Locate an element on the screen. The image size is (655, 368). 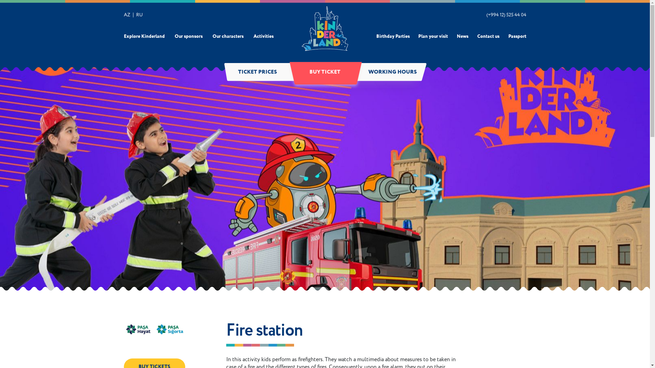
'Kinderland' is located at coordinates (324, 28).